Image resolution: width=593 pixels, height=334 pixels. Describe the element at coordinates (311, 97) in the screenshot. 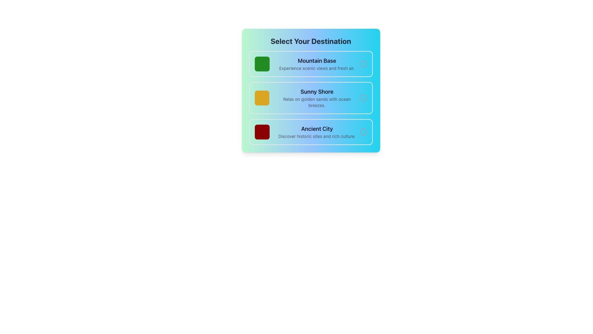

I see `the selectable Option card located vertically in the second position of a list of three options` at that location.